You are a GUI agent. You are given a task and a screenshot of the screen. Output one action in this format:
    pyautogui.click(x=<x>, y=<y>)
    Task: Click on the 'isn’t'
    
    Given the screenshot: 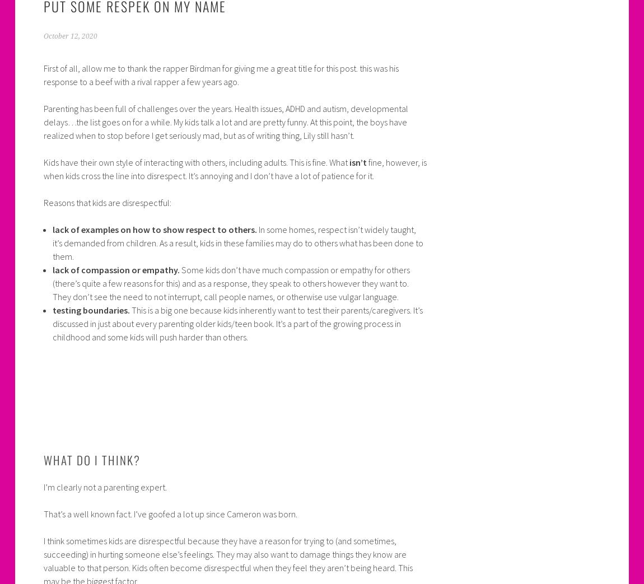 What is the action you would take?
    pyautogui.click(x=357, y=162)
    